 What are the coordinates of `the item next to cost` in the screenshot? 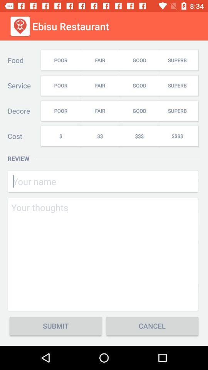 It's located at (60, 136).